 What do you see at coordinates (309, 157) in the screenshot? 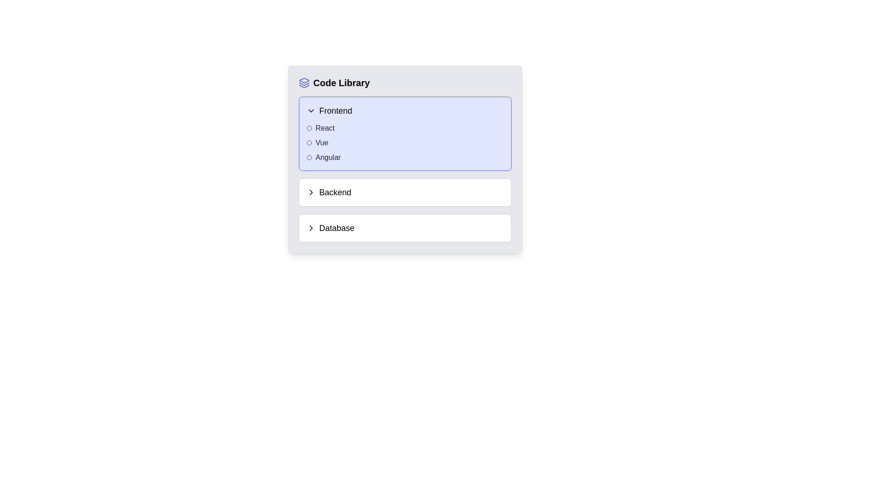
I see `the circular SVG graphical element representing the 'Angular' option in the 'Code Library' section` at bounding box center [309, 157].